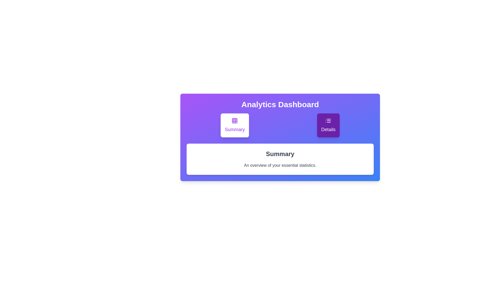  What do you see at coordinates (234, 125) in the screenshot?
I see `the Summary tab by clicking on its button` at bounding box center [234, 125].